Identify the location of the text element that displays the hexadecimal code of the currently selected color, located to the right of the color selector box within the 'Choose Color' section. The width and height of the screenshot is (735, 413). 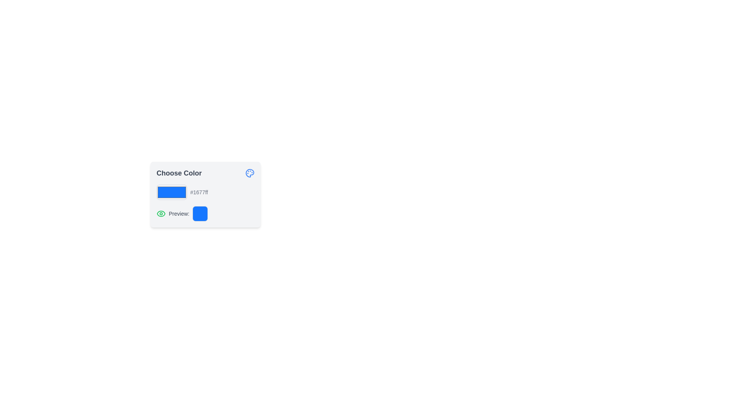
(199, 192).